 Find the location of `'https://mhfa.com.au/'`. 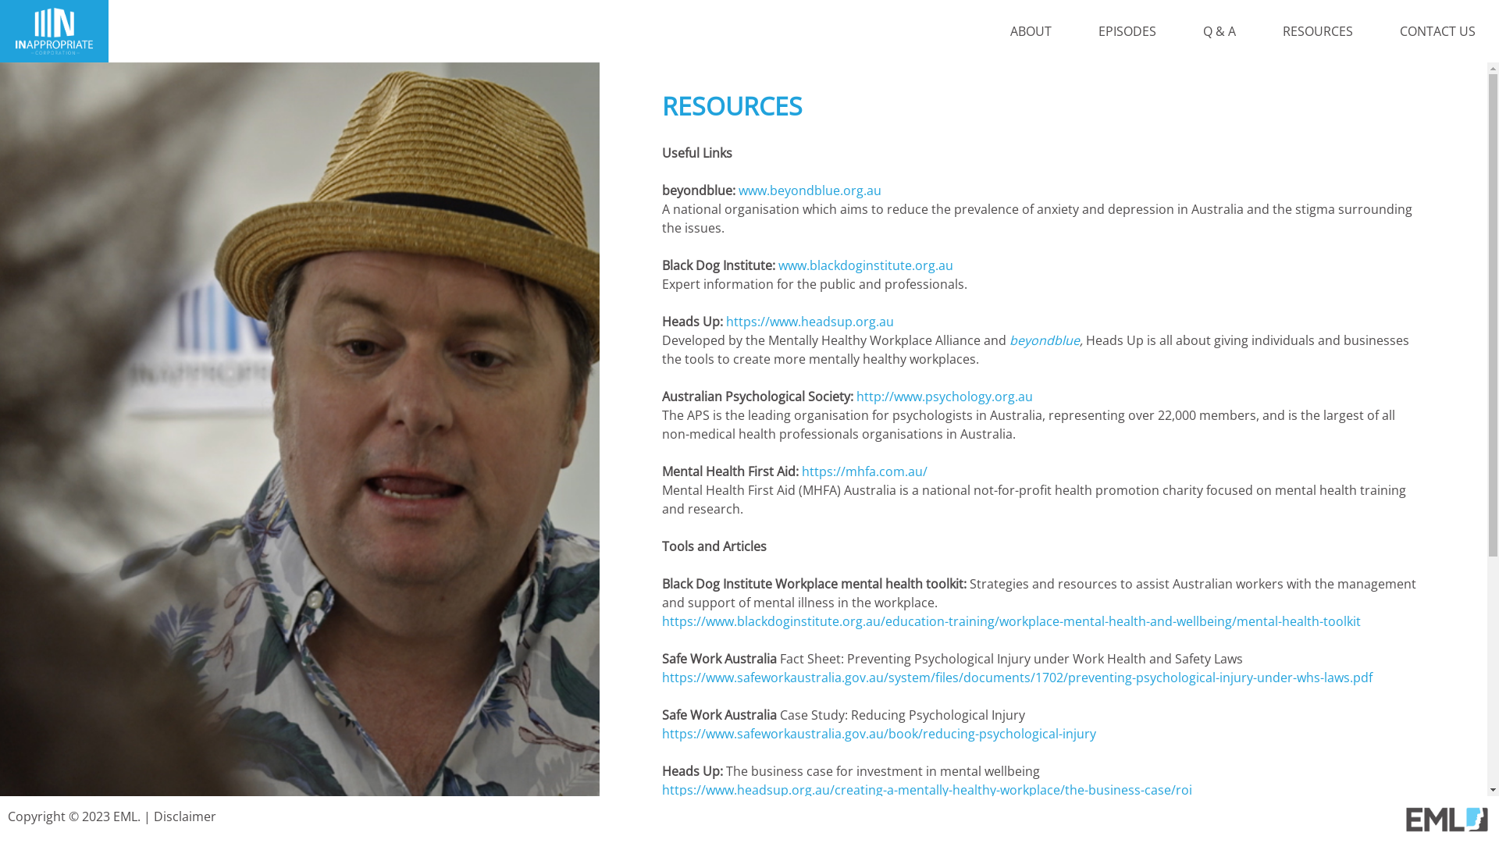

'https://mhfa.com.au/' is located at coordinates (863, 471).